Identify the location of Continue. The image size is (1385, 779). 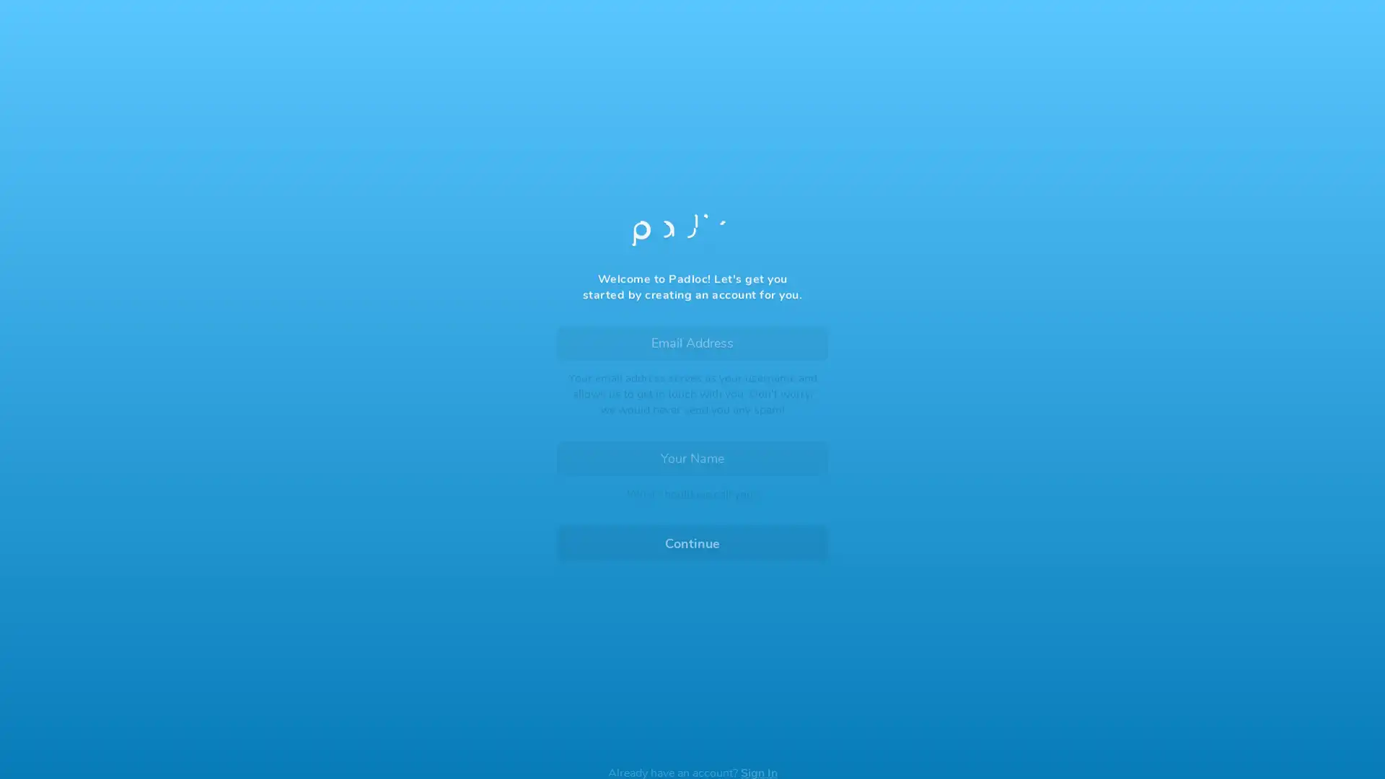
(692, 533).